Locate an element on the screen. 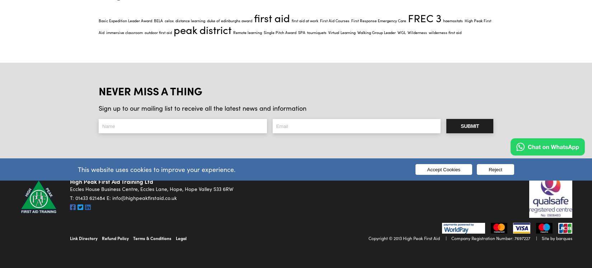 The height and width of the screenshot is (268, 592). 'immersive classroom' is located at coordinates (124, 32).